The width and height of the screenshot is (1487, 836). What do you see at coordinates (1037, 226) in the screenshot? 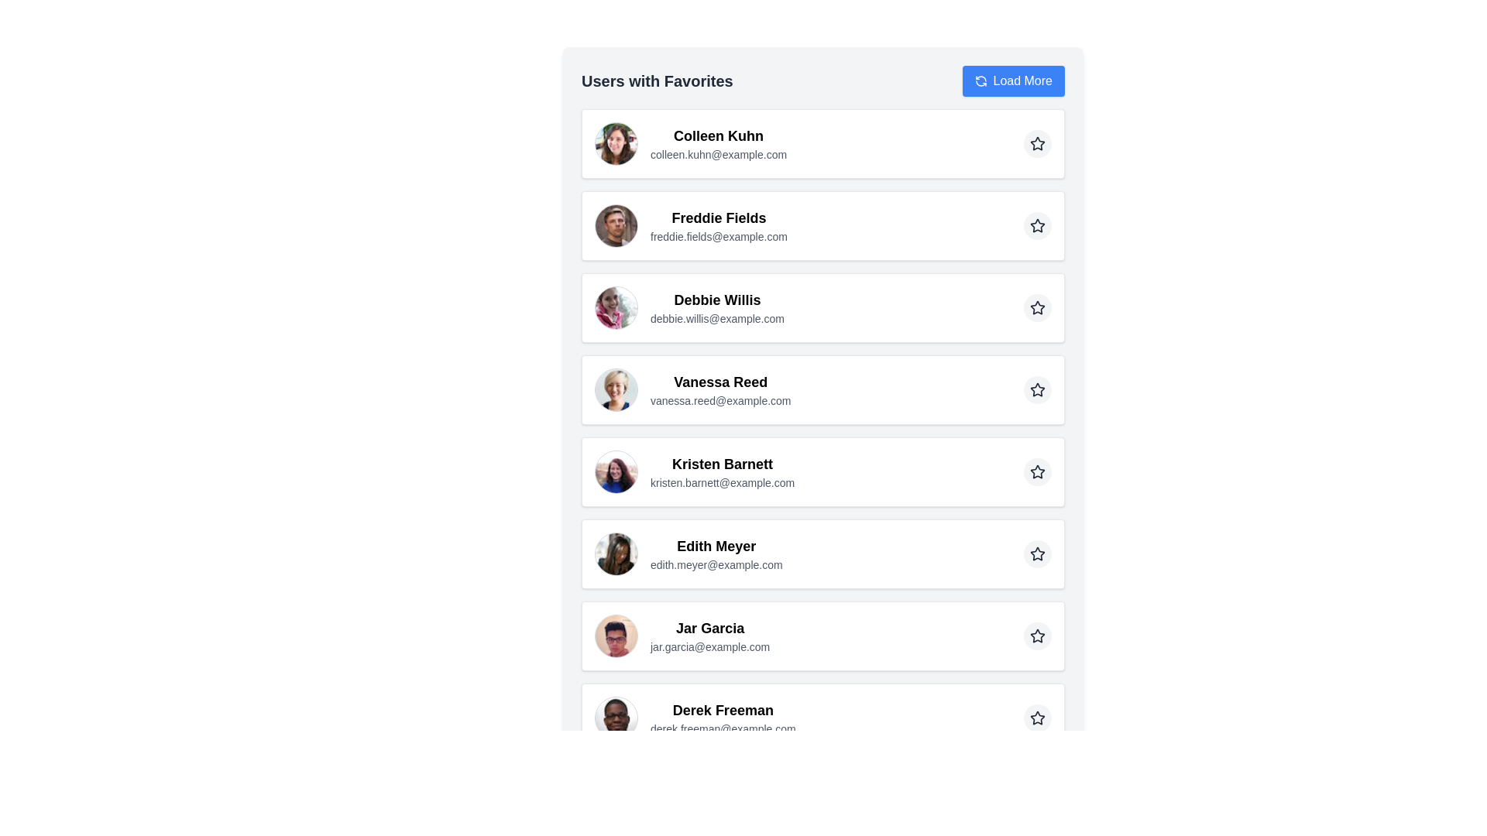
I see `the Star Icon Button located on the far right side of the second user row labeled 'Freddie Fields' to interact` at bounding box center [1037, 226].